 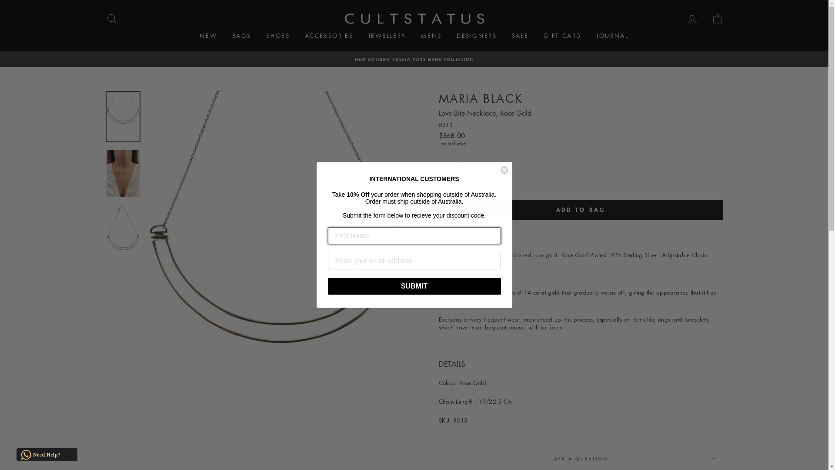 What do you see at coordinates (110, 19) in the screenshot?
I see `'SEARCH'` at bounding box center [110, 19].